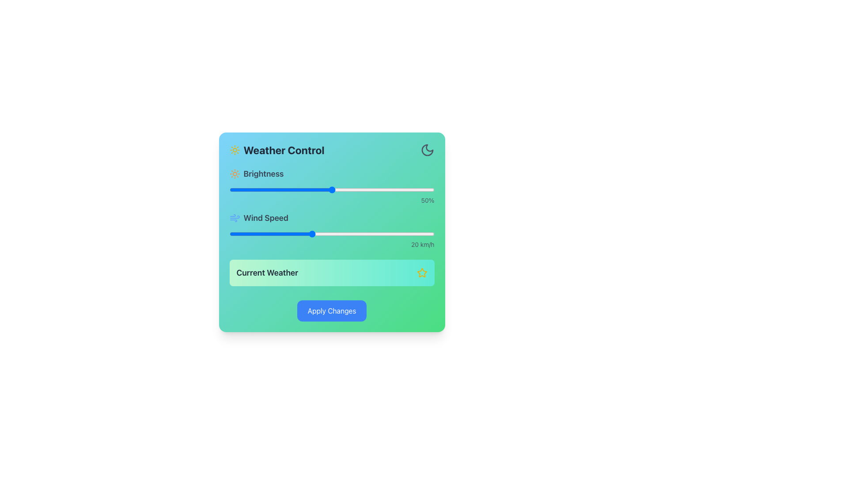 This screenshot has width=848, height=477. What do you see at coordinates (307, 189) in the screenshot?
I see `brightness level` at bounding box center [307, 189].